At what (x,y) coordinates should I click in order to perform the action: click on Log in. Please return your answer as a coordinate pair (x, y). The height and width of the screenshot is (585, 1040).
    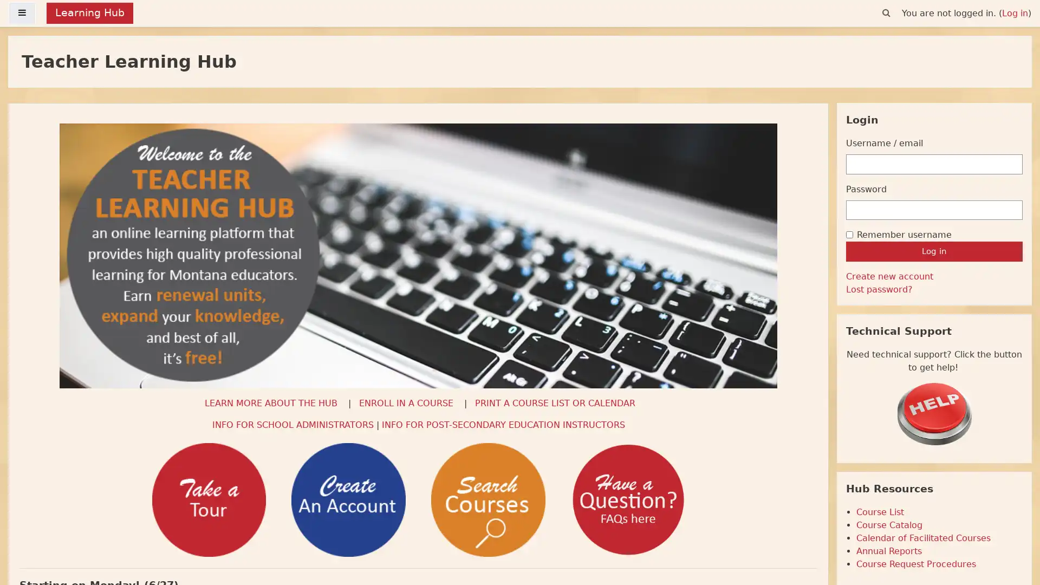
    Looking at the image, I should click on (933, 251).